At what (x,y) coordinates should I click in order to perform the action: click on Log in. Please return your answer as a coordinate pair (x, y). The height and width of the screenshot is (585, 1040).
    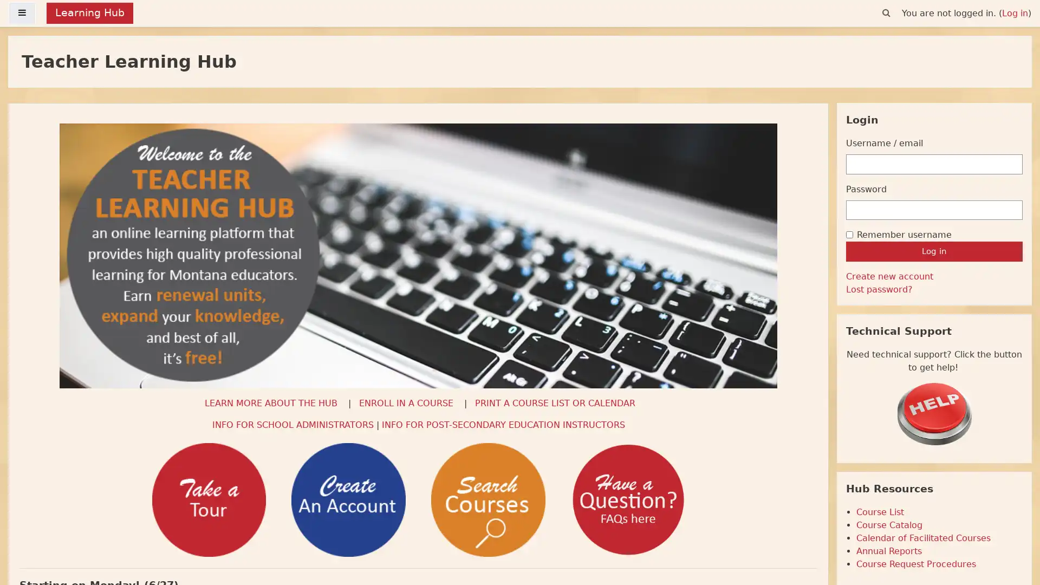
    Looking at the image, I should click on (933, 251).